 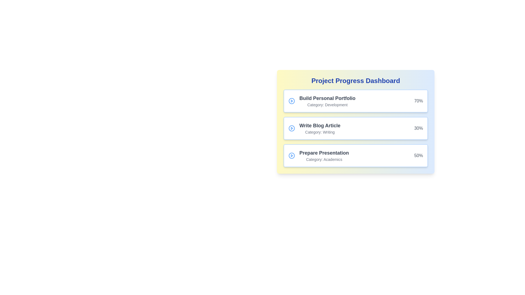 I want to click on the play button located on the left side of the 'Prepare Presentation' entry in the 'Project Progress Dashboard', so click(x=291, y=156).